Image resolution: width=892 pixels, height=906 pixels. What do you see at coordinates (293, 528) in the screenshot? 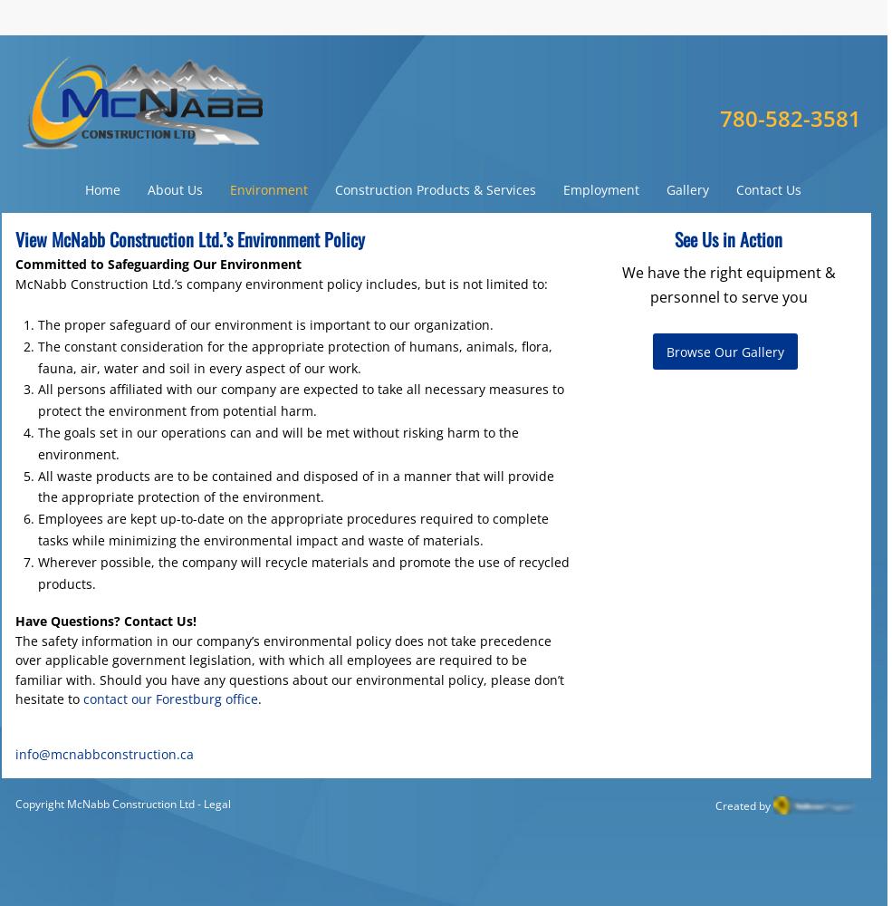
I see `'Employees are kept up-to-date on the appropriate procedures required to complete tasks while minimizing the environmental impact and waste of materials.'` at bounding box center [293, 528].